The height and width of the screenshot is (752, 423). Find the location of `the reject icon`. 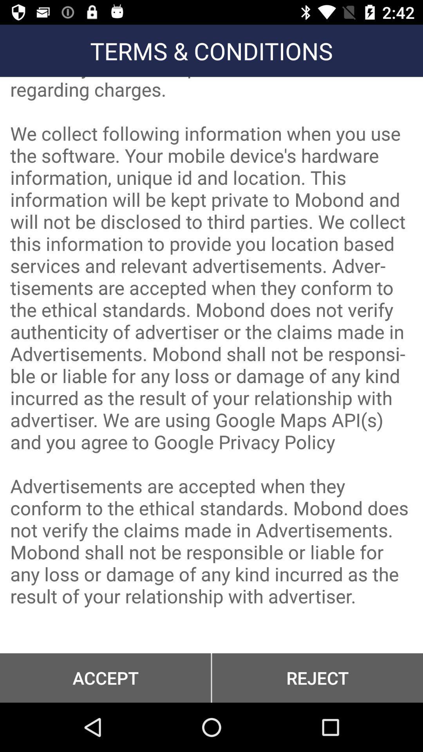

the reject icon is located at coordinates (317, 678).